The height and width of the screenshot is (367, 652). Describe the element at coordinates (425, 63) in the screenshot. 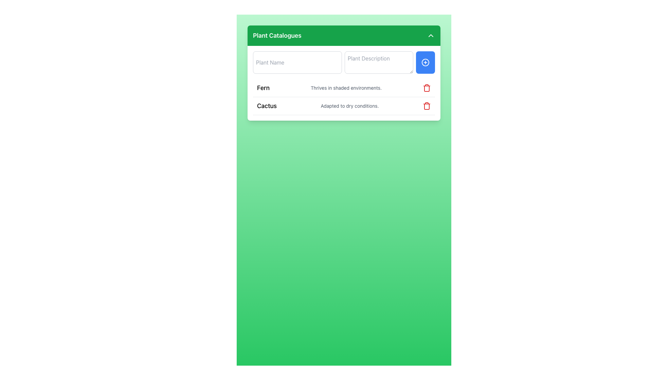

I see `the add item button located next to the 'Plant Description' text input field in the green header section` at that location.